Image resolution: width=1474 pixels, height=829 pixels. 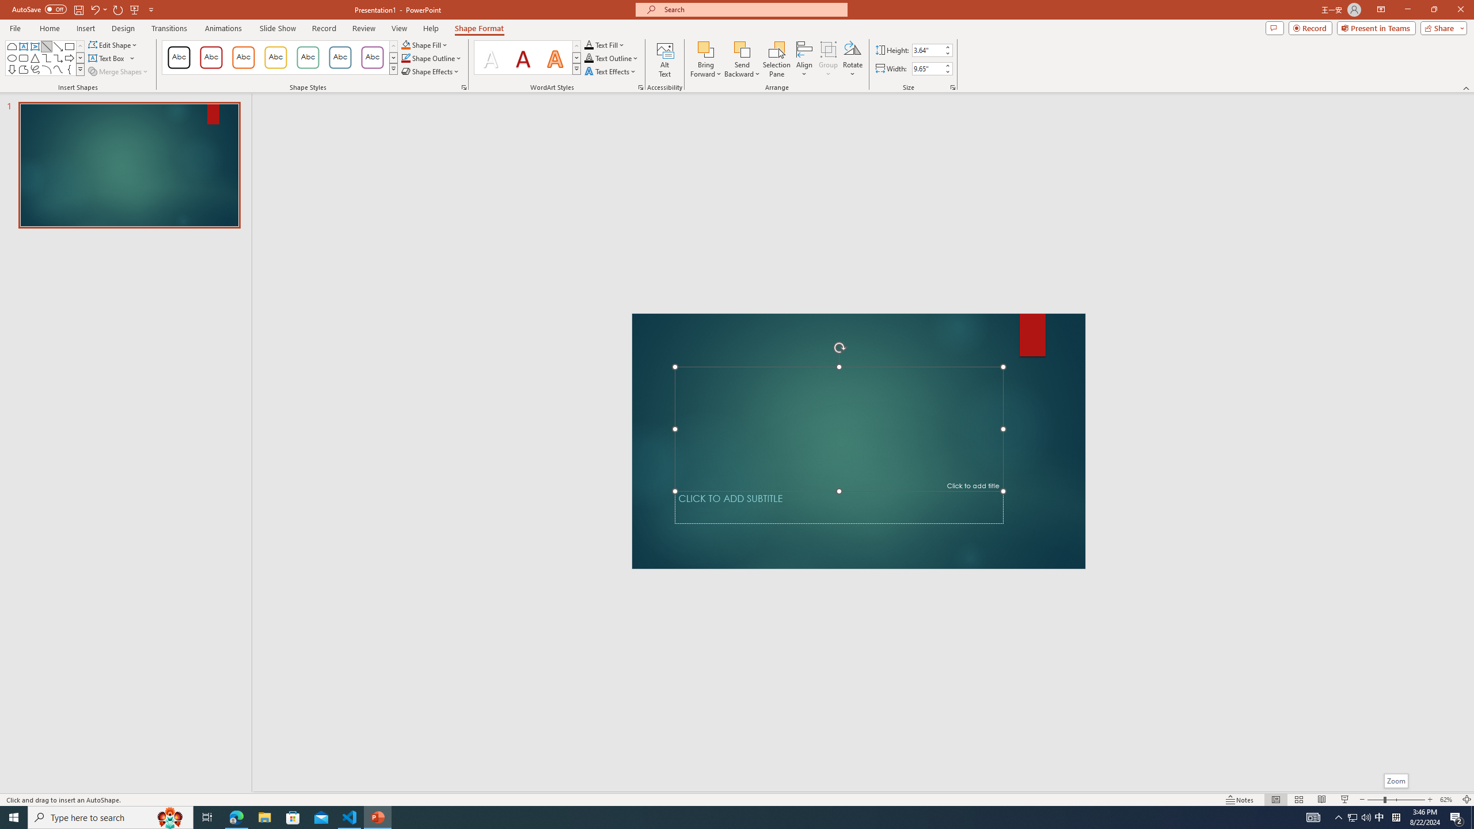 What do you see at coordinates (69, 57) in the screenshot?
I see `'Arrow: Right'` at bounding box center [69, 57].